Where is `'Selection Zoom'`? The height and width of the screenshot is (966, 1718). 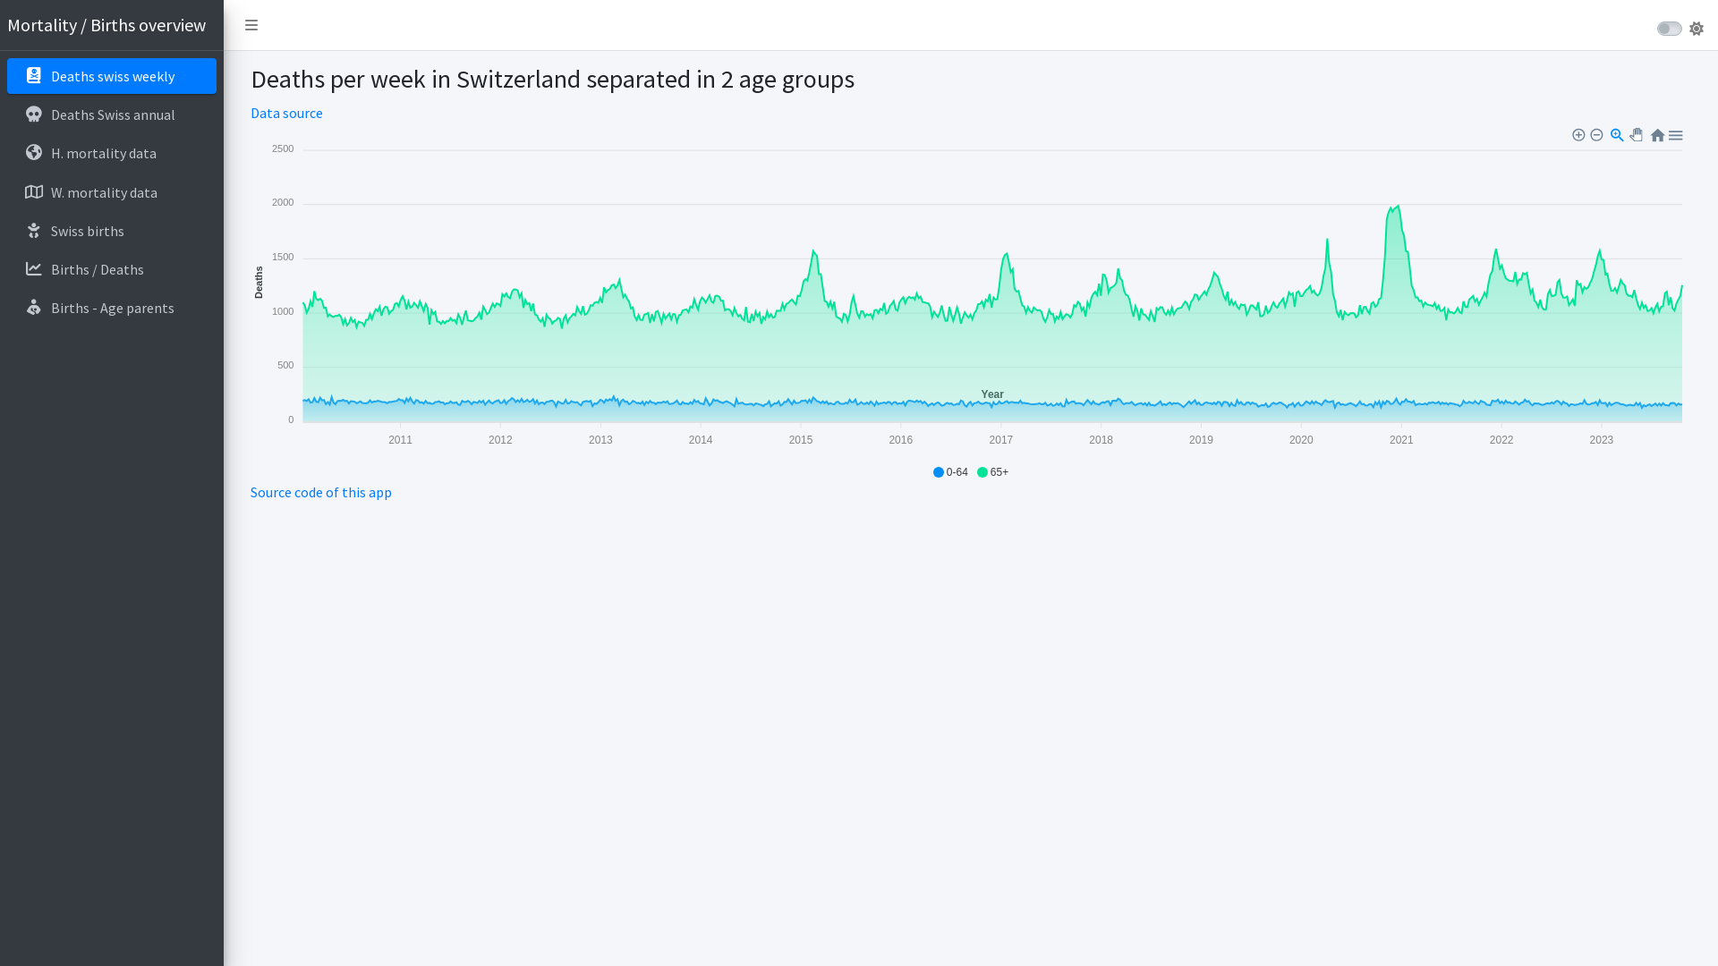
'Selection Zoom' is located at coordinates (1618, 132).